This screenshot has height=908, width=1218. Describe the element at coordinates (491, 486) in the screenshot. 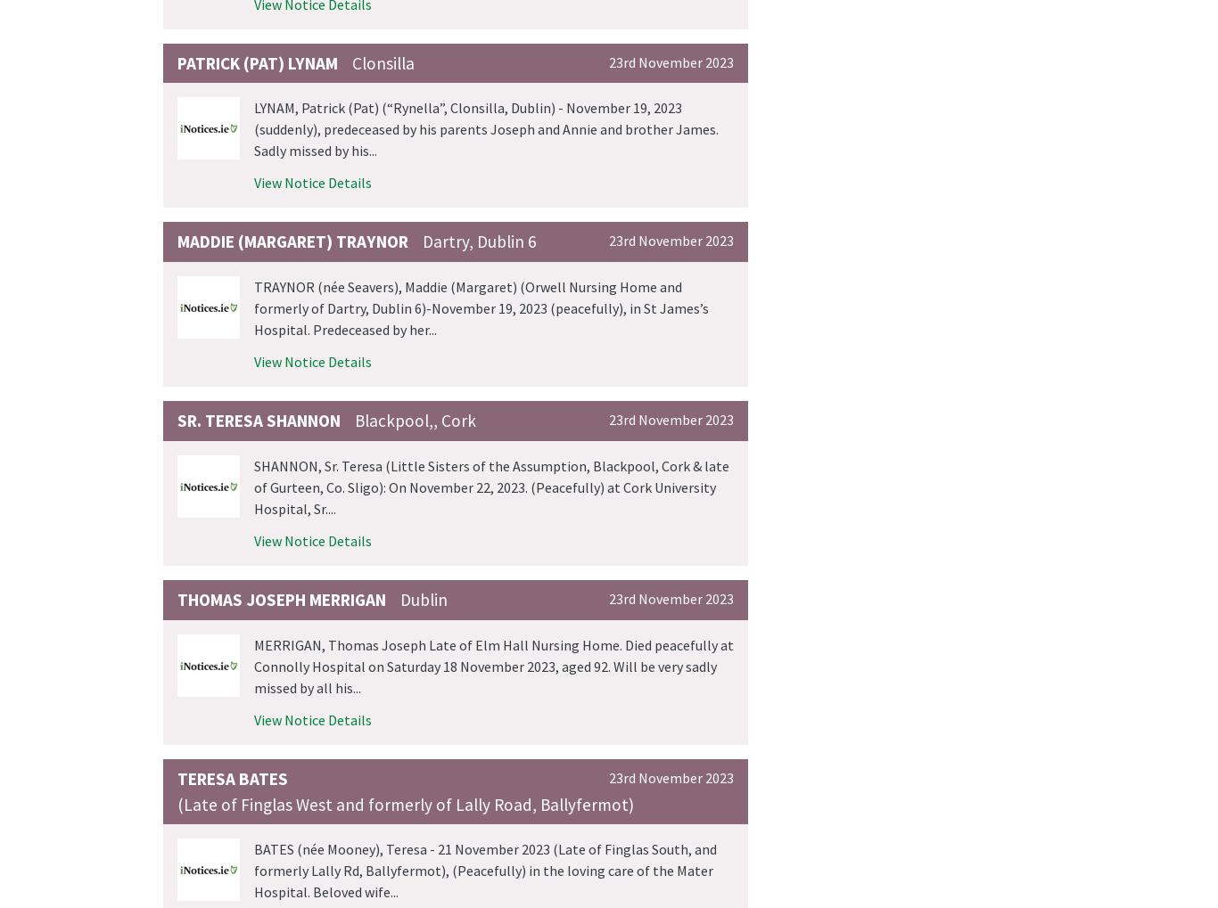

I see `'SHANNON, Sr. Teresa                     (Little Sisters of the Assumption, Blackpool, Cork & late of Gurteen, Co. Sligo): On November 22, 2023. (Peacefully) at Cork University Hospital, Sr....'` at that location.